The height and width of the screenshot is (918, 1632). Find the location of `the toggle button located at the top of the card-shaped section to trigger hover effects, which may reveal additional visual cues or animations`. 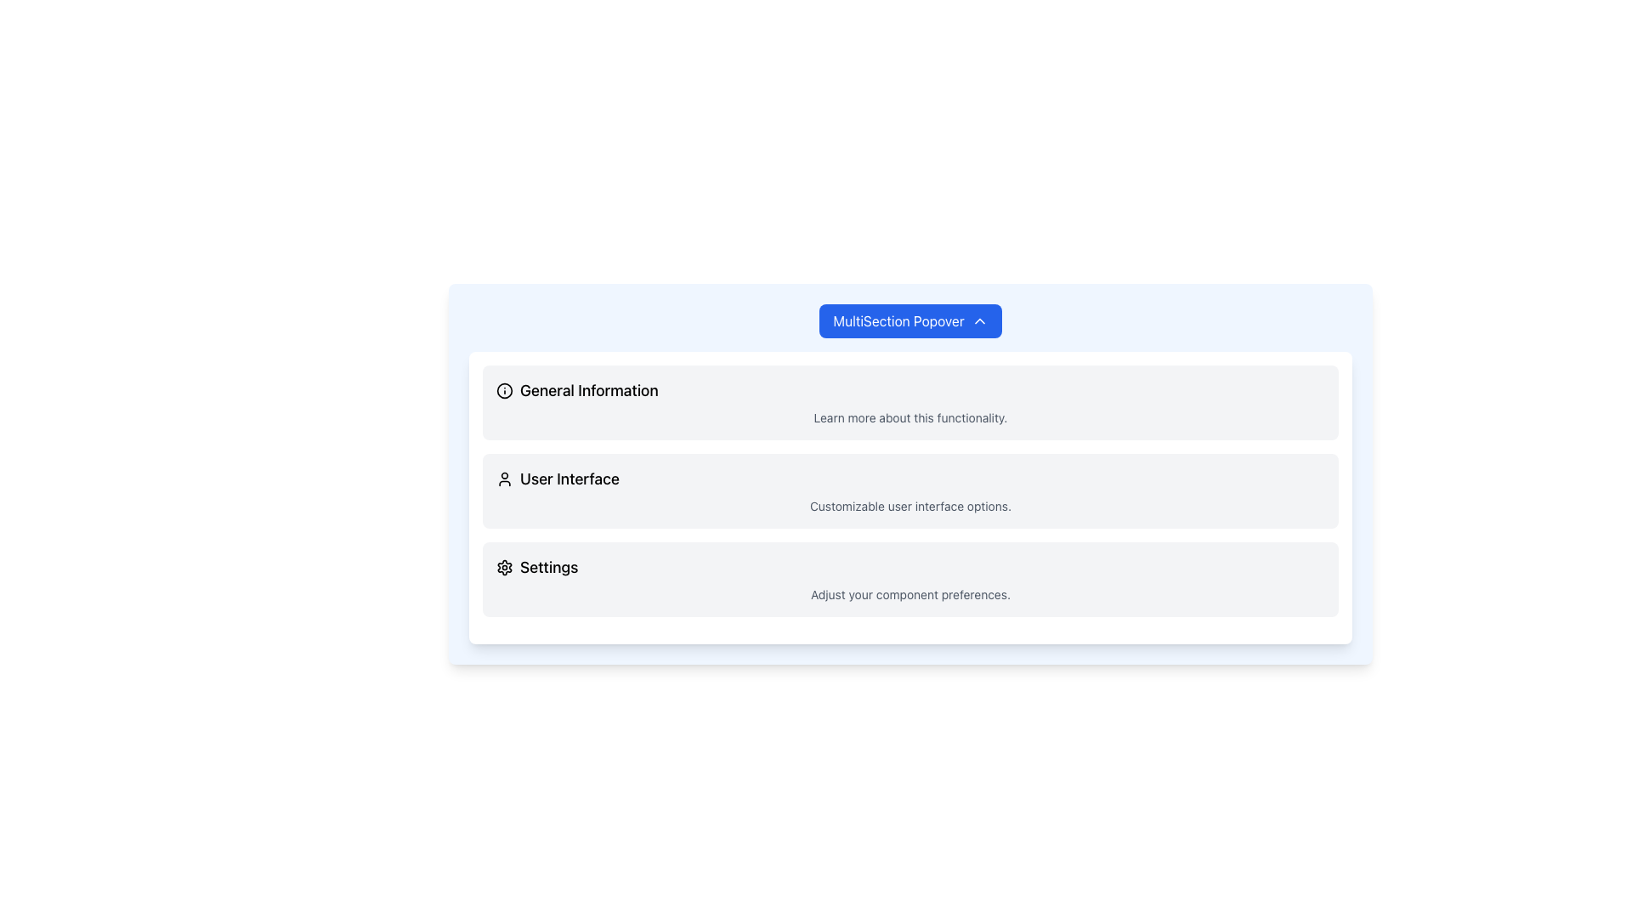

the toggle button located at the top of the card-shaped section to trigger hover effects, which may reveal additional visual cues or animations is located at coordinates (909, 321).